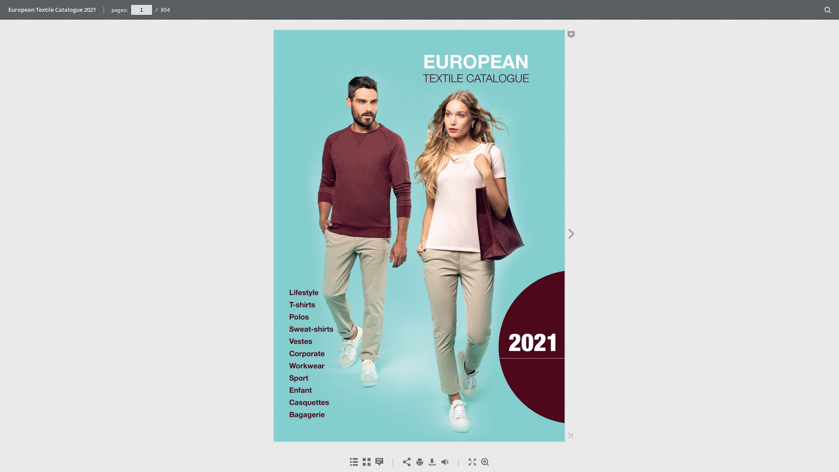  What do you see at coordinates (821, 10) in the screenshot?
I see `'Search'` at bounding box center [821, 10].